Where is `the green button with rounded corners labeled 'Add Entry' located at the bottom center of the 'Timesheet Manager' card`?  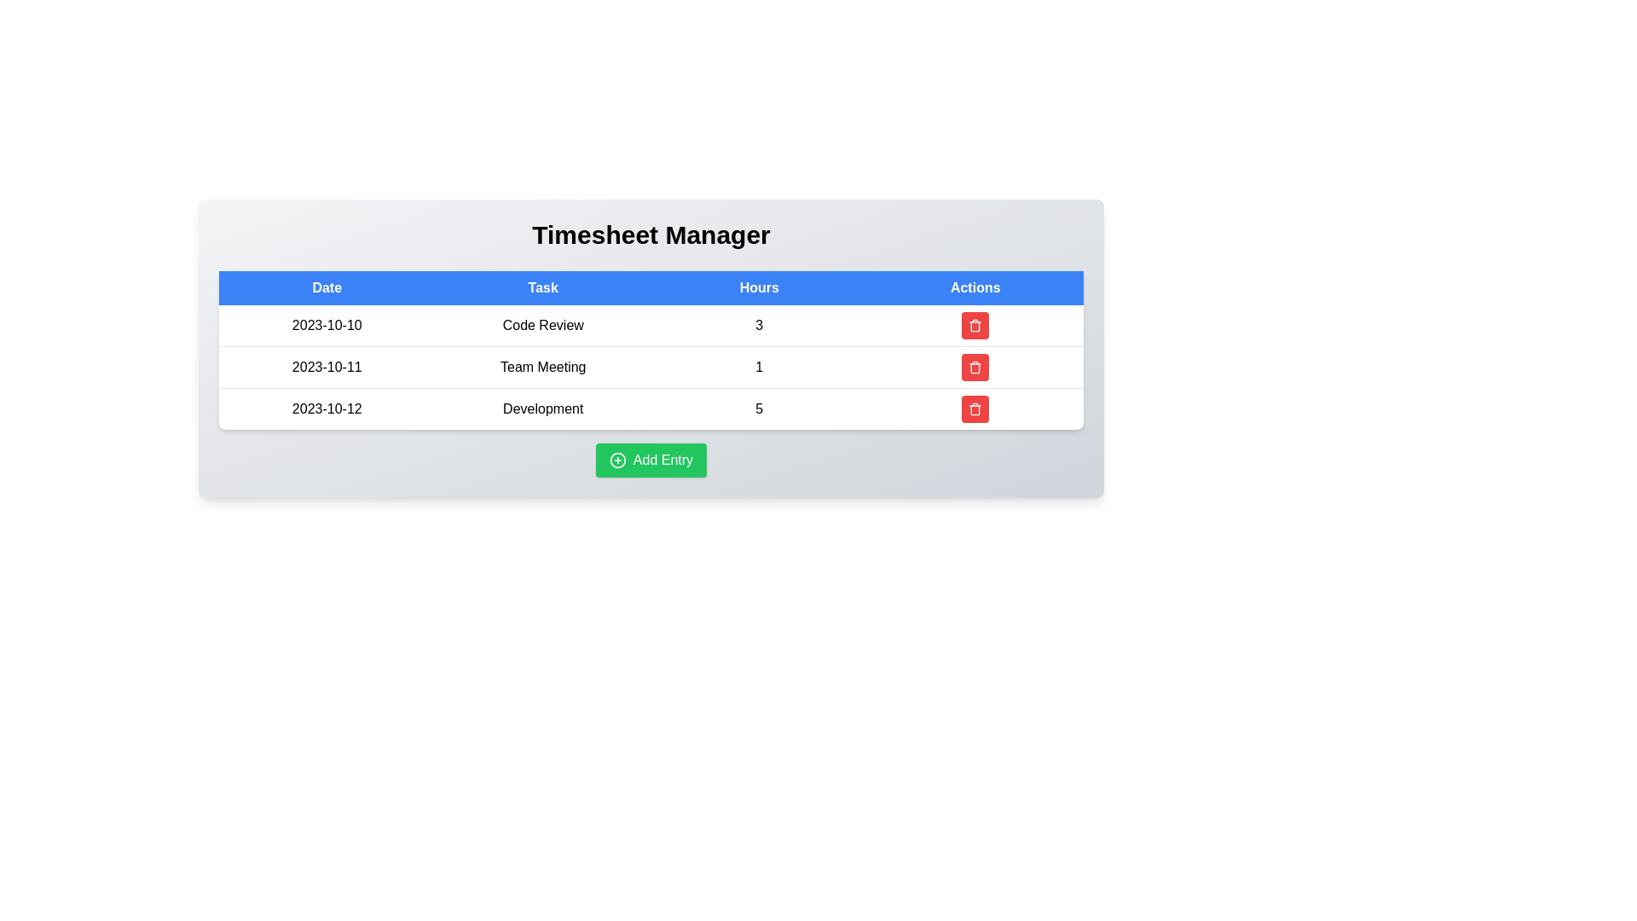
the green button with rounded corners labeled 'Add Entry' located at the bottom center of the 'Timesheet Manager' card is located at coordinates (650, 460).